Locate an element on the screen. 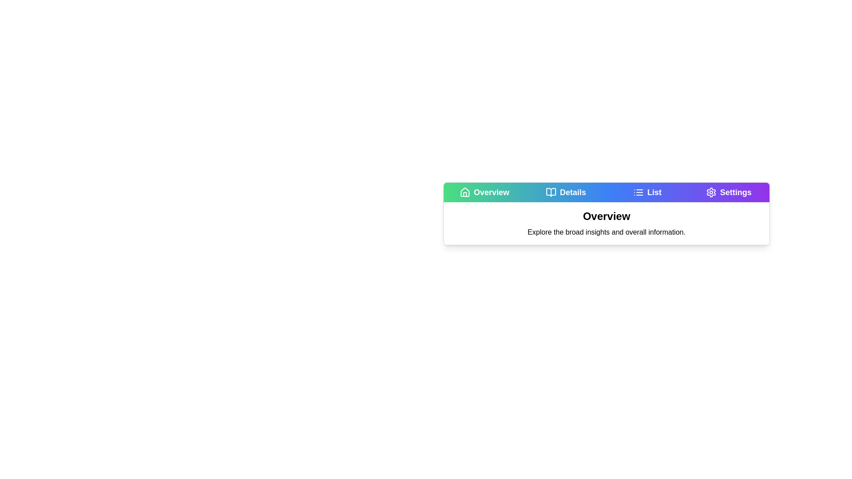 The height and width of the screenshot is (479, 852). the Text block element containing the title 'Overview' and the description 'Explore the broad insights and overall information.' is located at coordinates (606, 223).